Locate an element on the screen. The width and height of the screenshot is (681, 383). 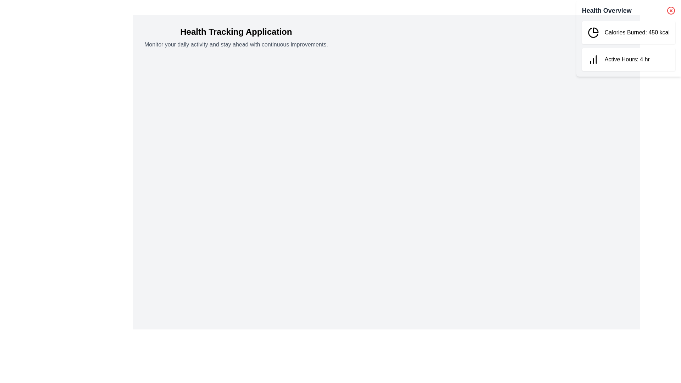
the text label that reads 'Monitor your daily activity and stay ahead with continuous improvements.', which is positioned below the 'Health Tracking Application' heading is located at coordinates (236, 45).